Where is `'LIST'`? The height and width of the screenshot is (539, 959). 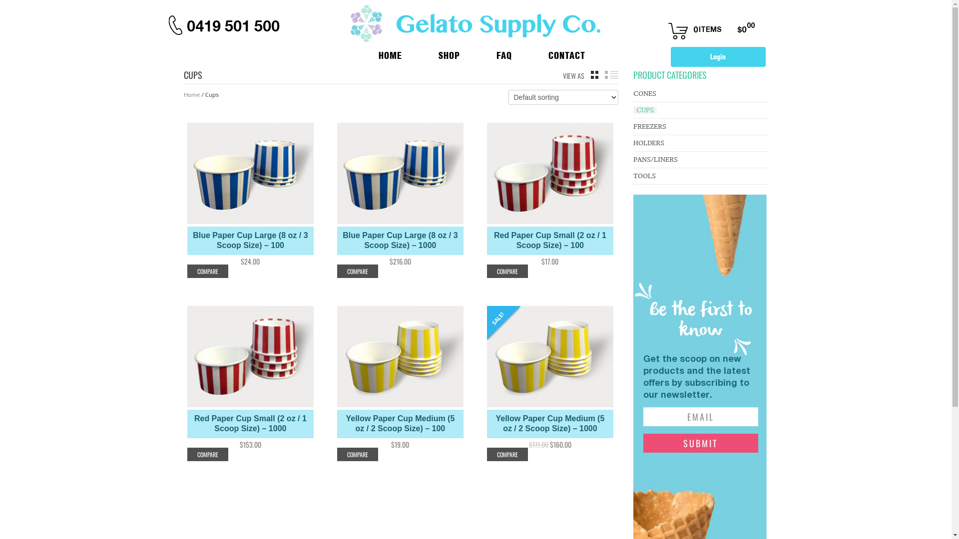
'LIST' is located at coordinates (610, 74).